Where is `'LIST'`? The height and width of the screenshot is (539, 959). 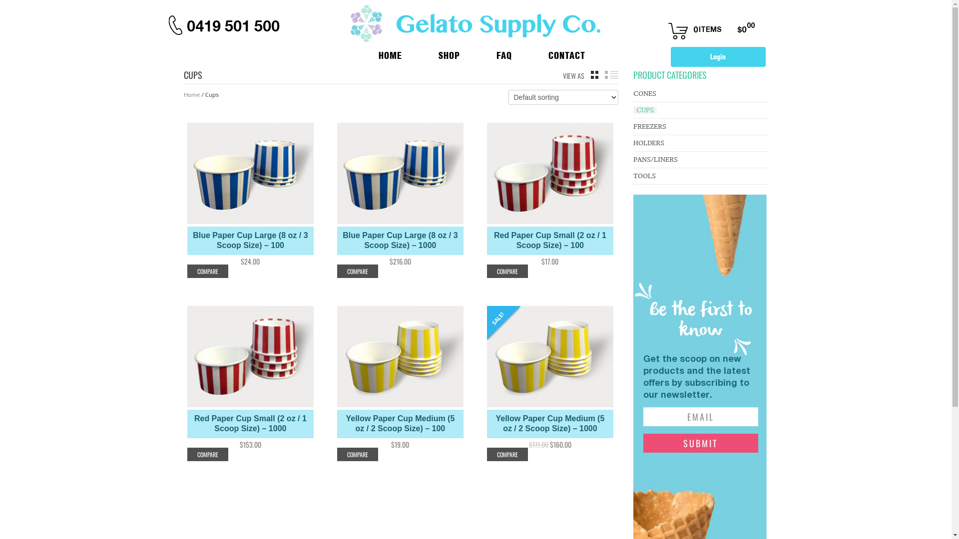
'LIST' is located at coordinates (610, 74).